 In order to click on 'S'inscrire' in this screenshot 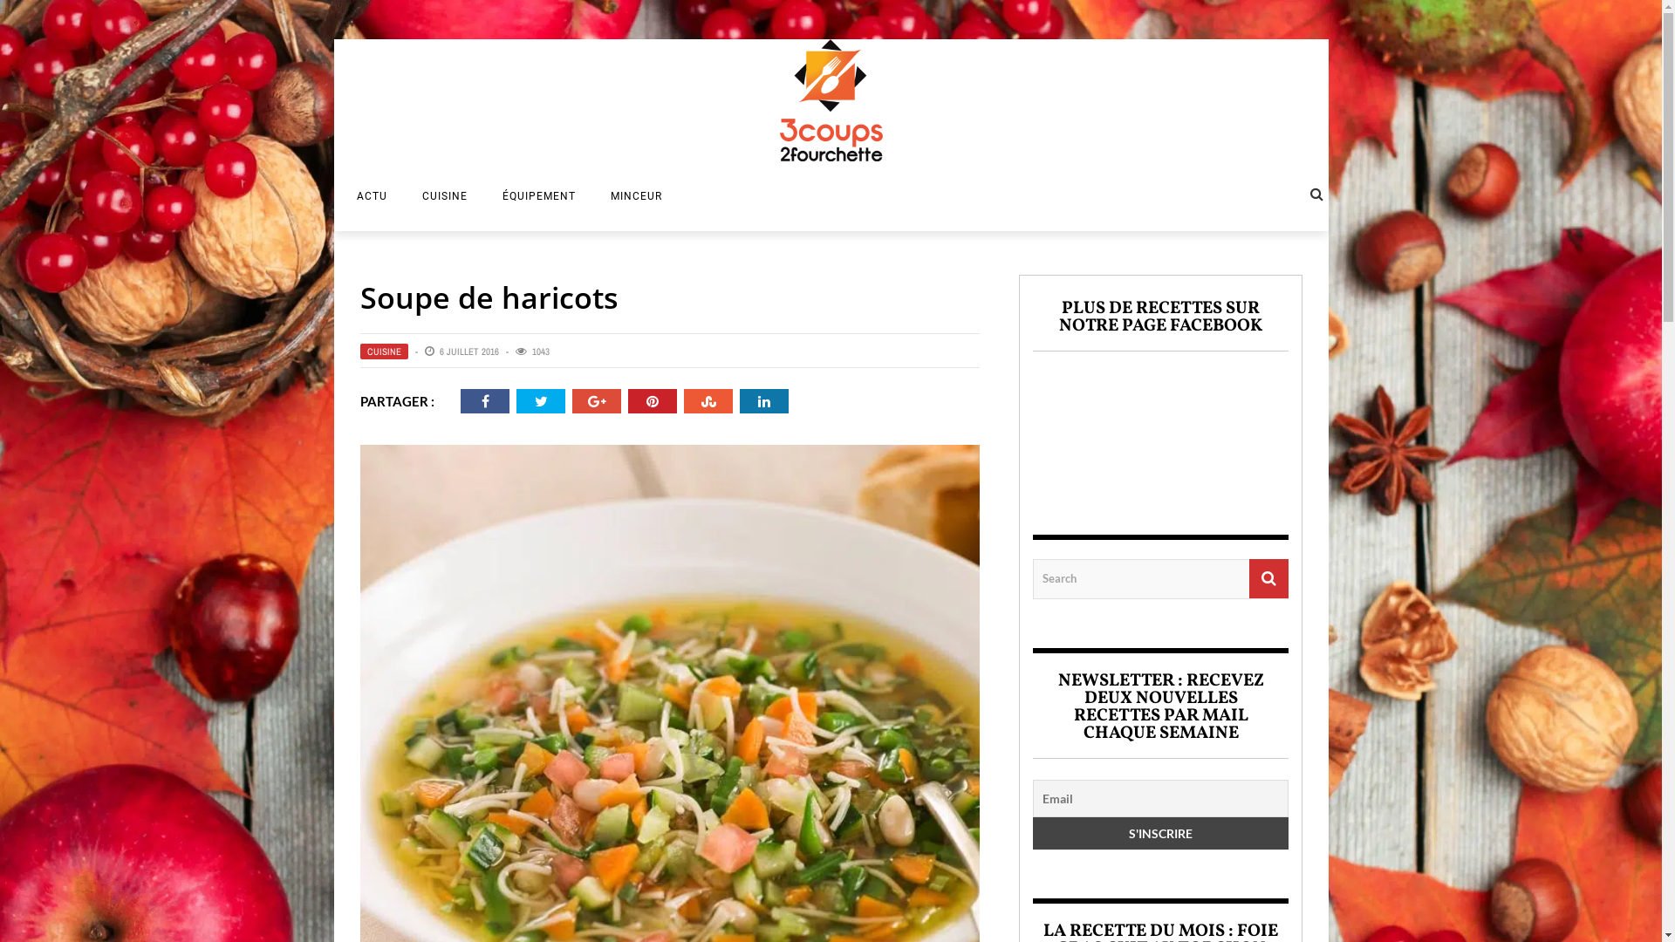, I will do `click(1160, 831)`.